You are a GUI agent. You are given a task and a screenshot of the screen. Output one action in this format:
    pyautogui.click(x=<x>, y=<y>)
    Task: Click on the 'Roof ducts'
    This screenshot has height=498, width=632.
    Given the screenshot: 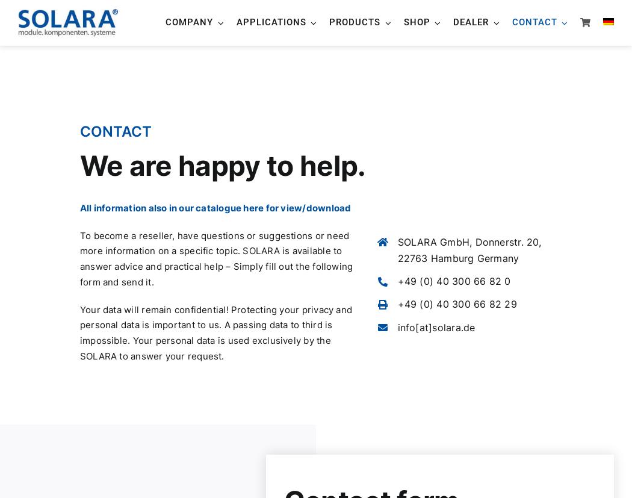 What is the action you would take?
    pyautogui.click(x=444, y=161)
    